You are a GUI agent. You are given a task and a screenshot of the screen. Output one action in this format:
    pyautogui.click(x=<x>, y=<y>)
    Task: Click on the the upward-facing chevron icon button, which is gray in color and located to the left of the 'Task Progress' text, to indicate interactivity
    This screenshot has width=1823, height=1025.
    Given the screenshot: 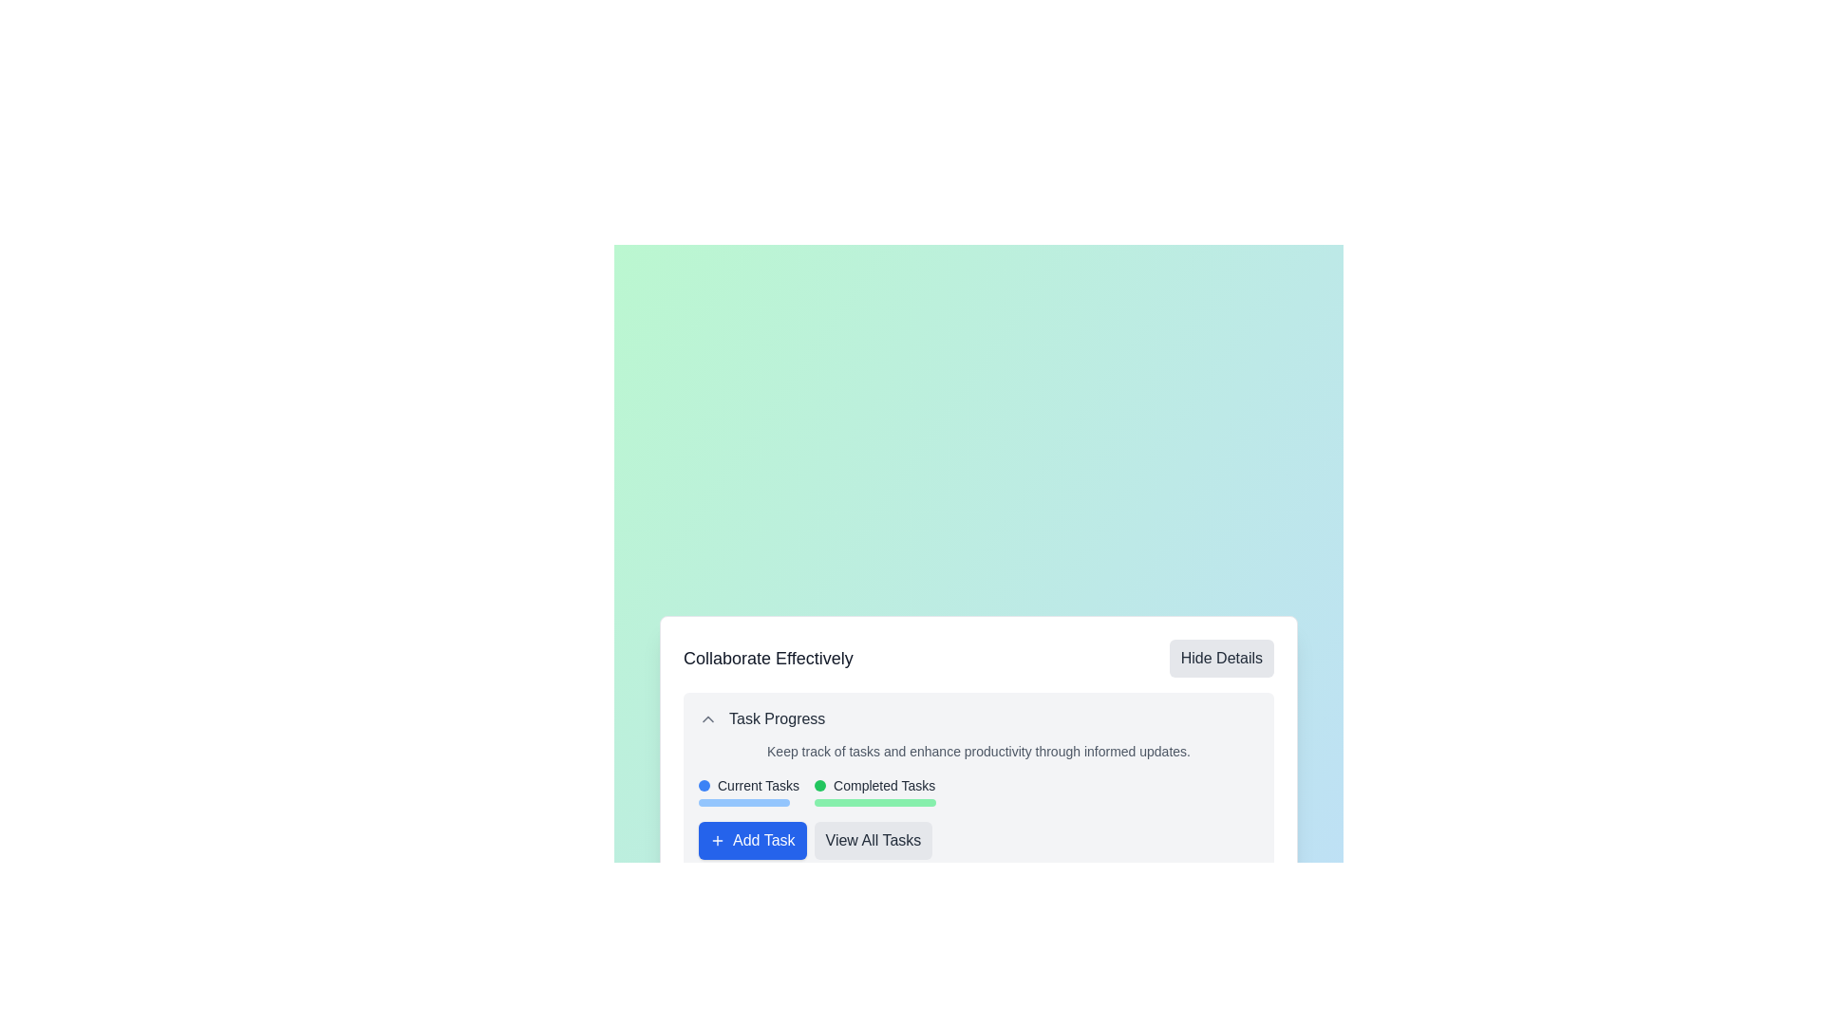 What is the action you would take?
    pyautogui.click(x=706, y=719)
    